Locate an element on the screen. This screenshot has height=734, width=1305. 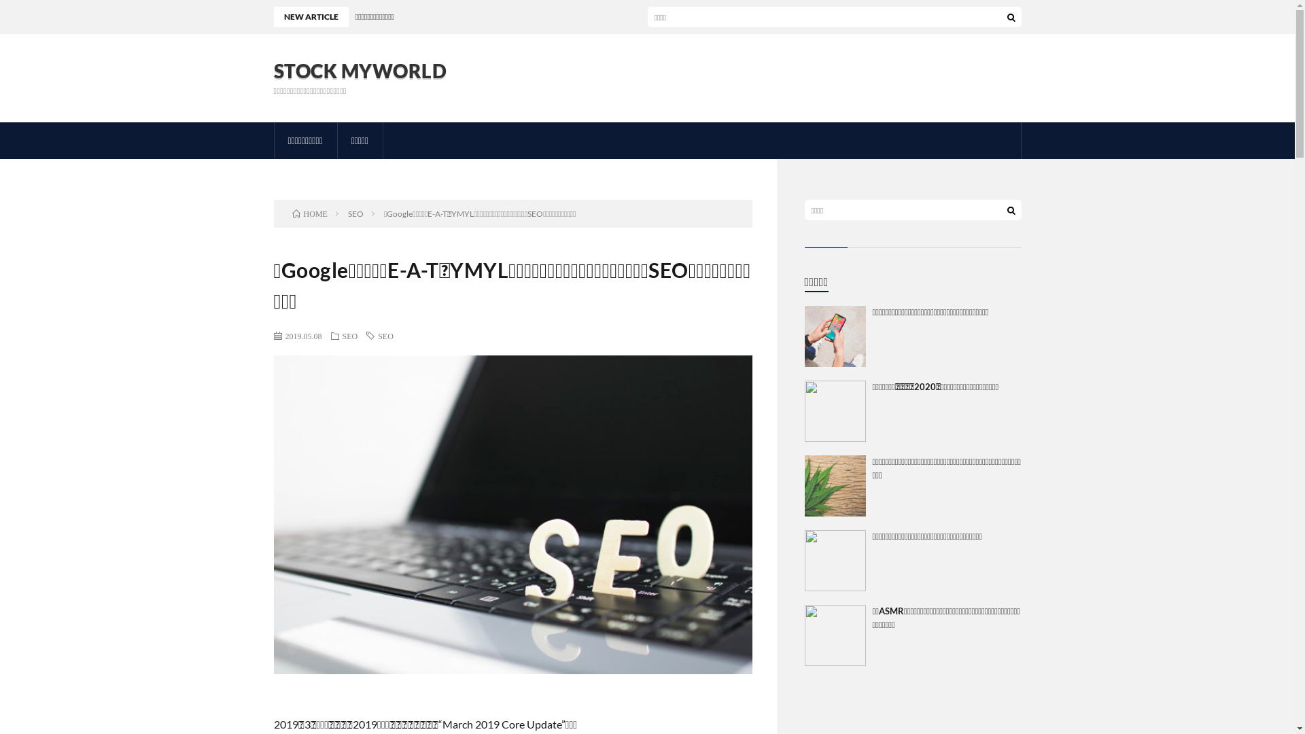
'search' is located at coordinates (1011, 16).